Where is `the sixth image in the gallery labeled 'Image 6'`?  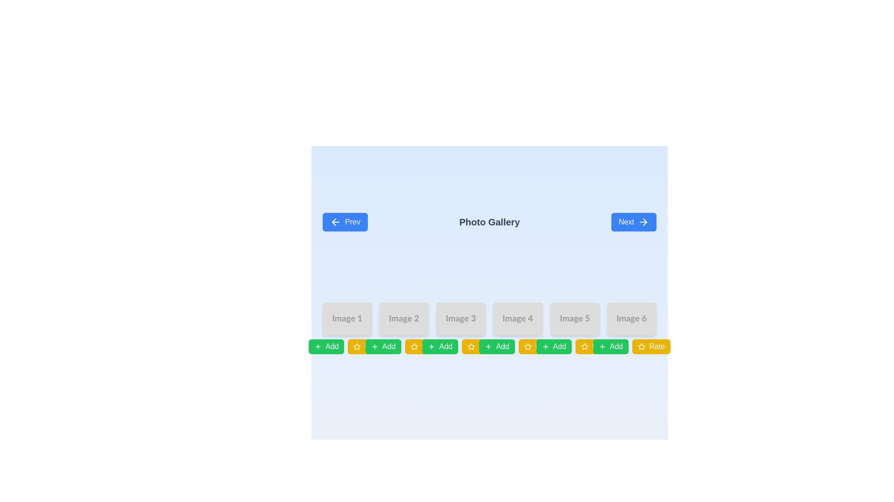 the sixth image in the gallery labeled 'Image 6' is located at coordinates (631, 318).